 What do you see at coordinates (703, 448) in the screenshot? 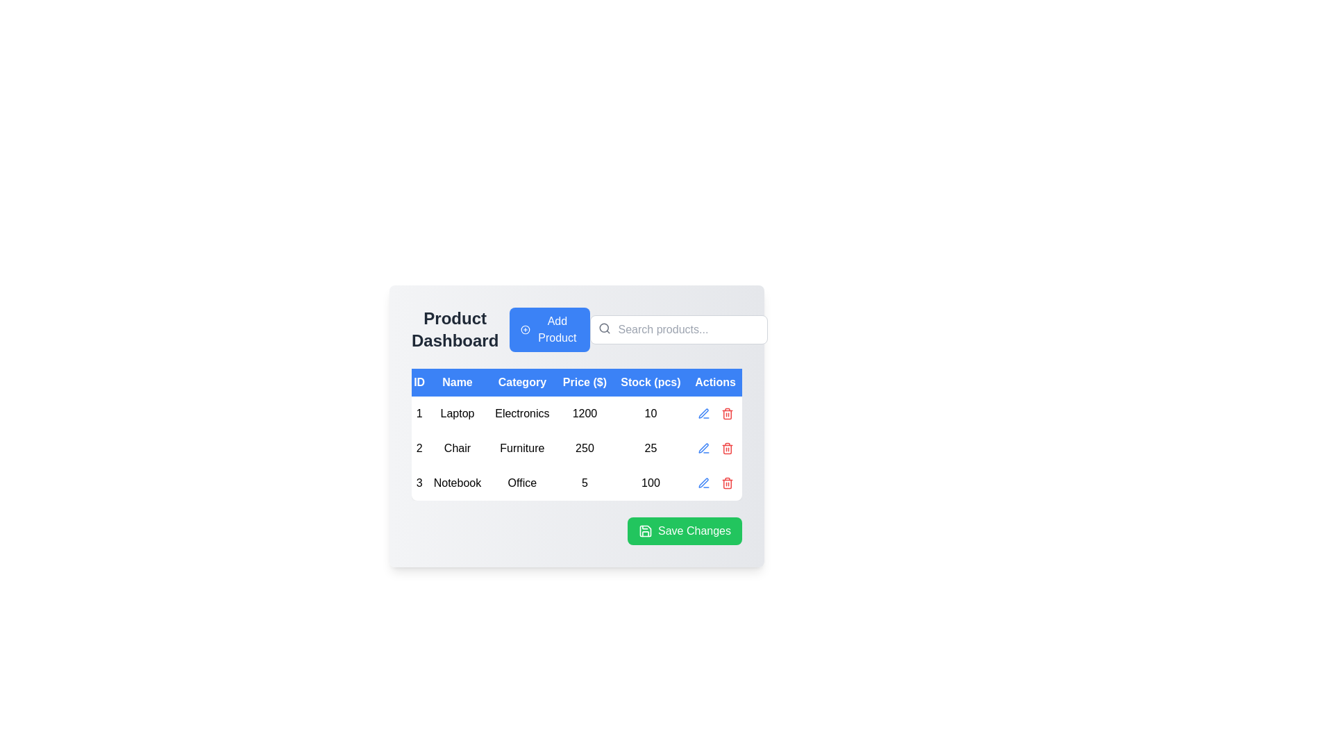
I see `the edit icon button in the Actions column of the table row corresponding to the product with ID 3, named 'Notebook', to initiate the edit action` at bounding box center [703, 448].